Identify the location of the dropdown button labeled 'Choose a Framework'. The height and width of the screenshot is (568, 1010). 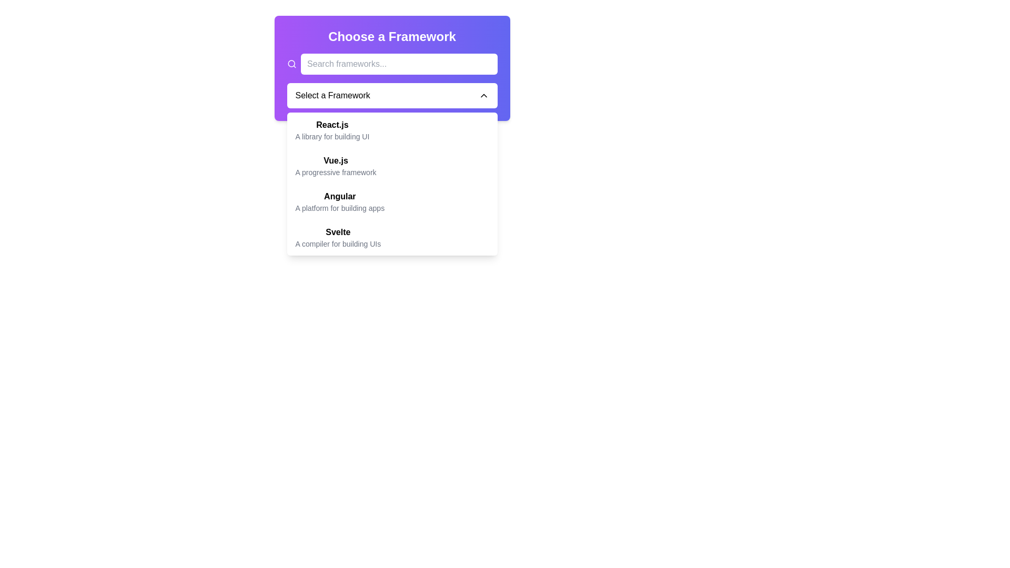
(332, 95).